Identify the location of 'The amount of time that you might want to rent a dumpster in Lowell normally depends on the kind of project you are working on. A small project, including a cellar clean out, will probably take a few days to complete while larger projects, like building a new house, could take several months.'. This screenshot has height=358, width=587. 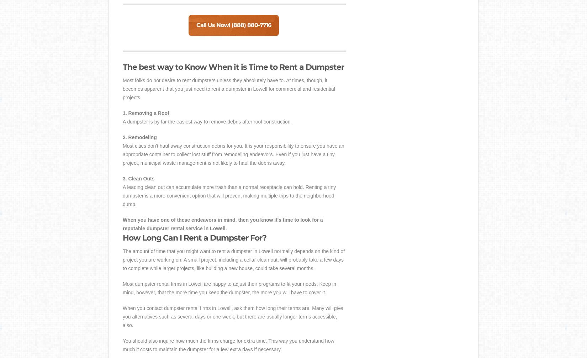
(233, 259).